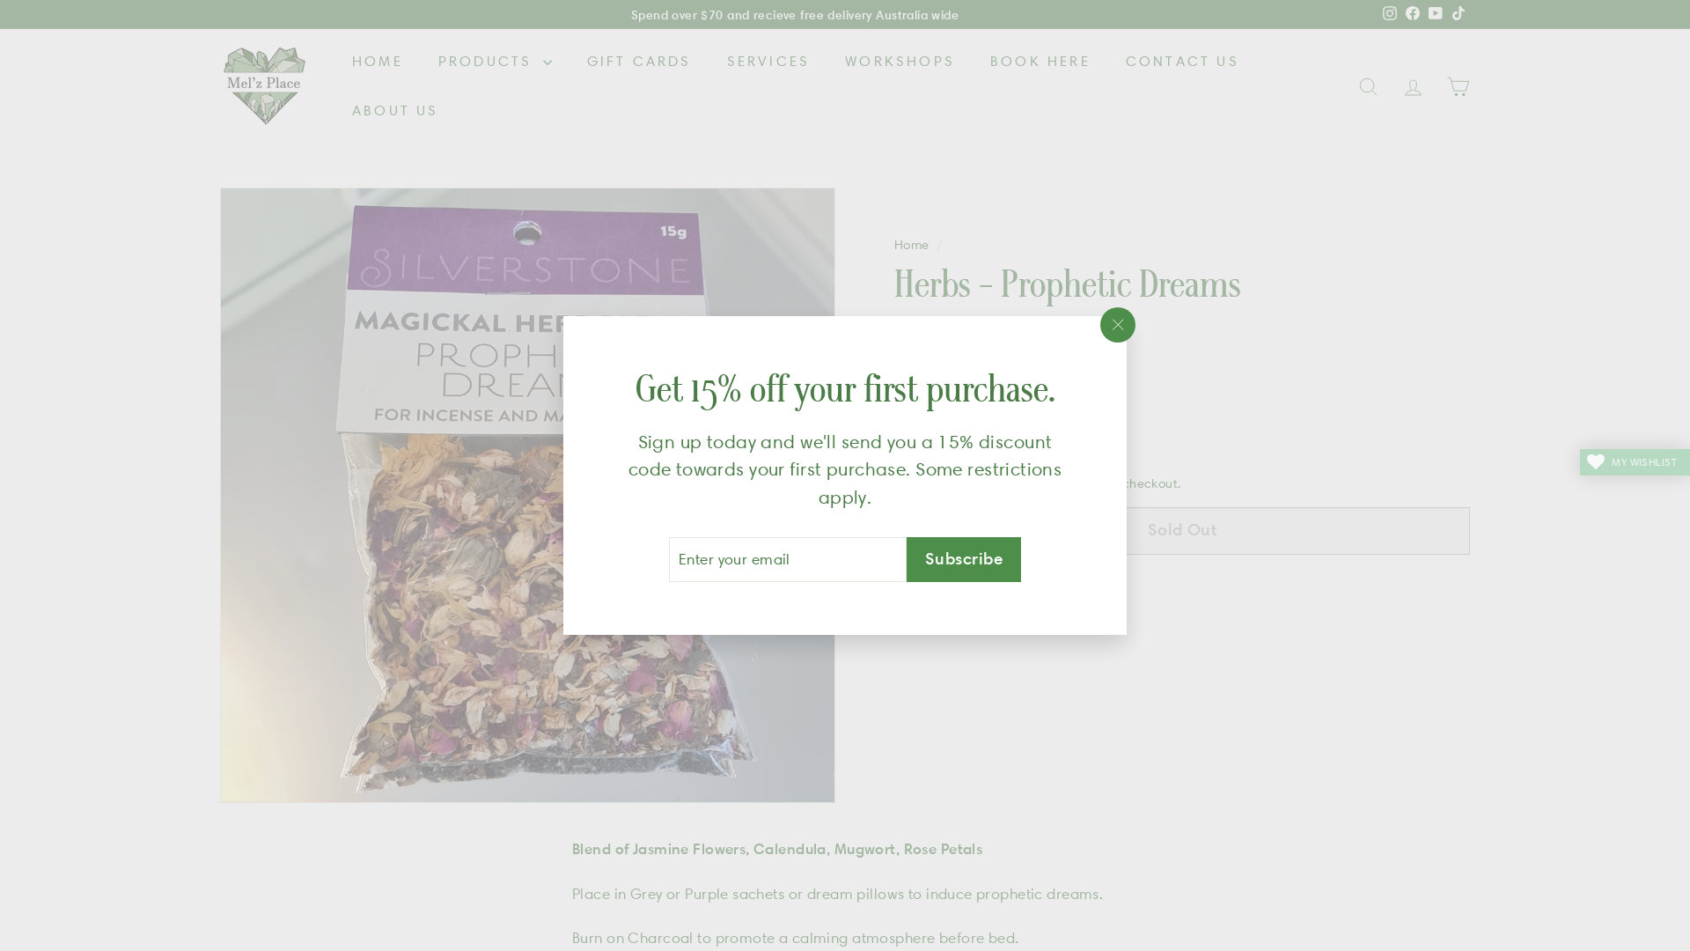  I want to click on 'SERVICES', so click(768, 60).